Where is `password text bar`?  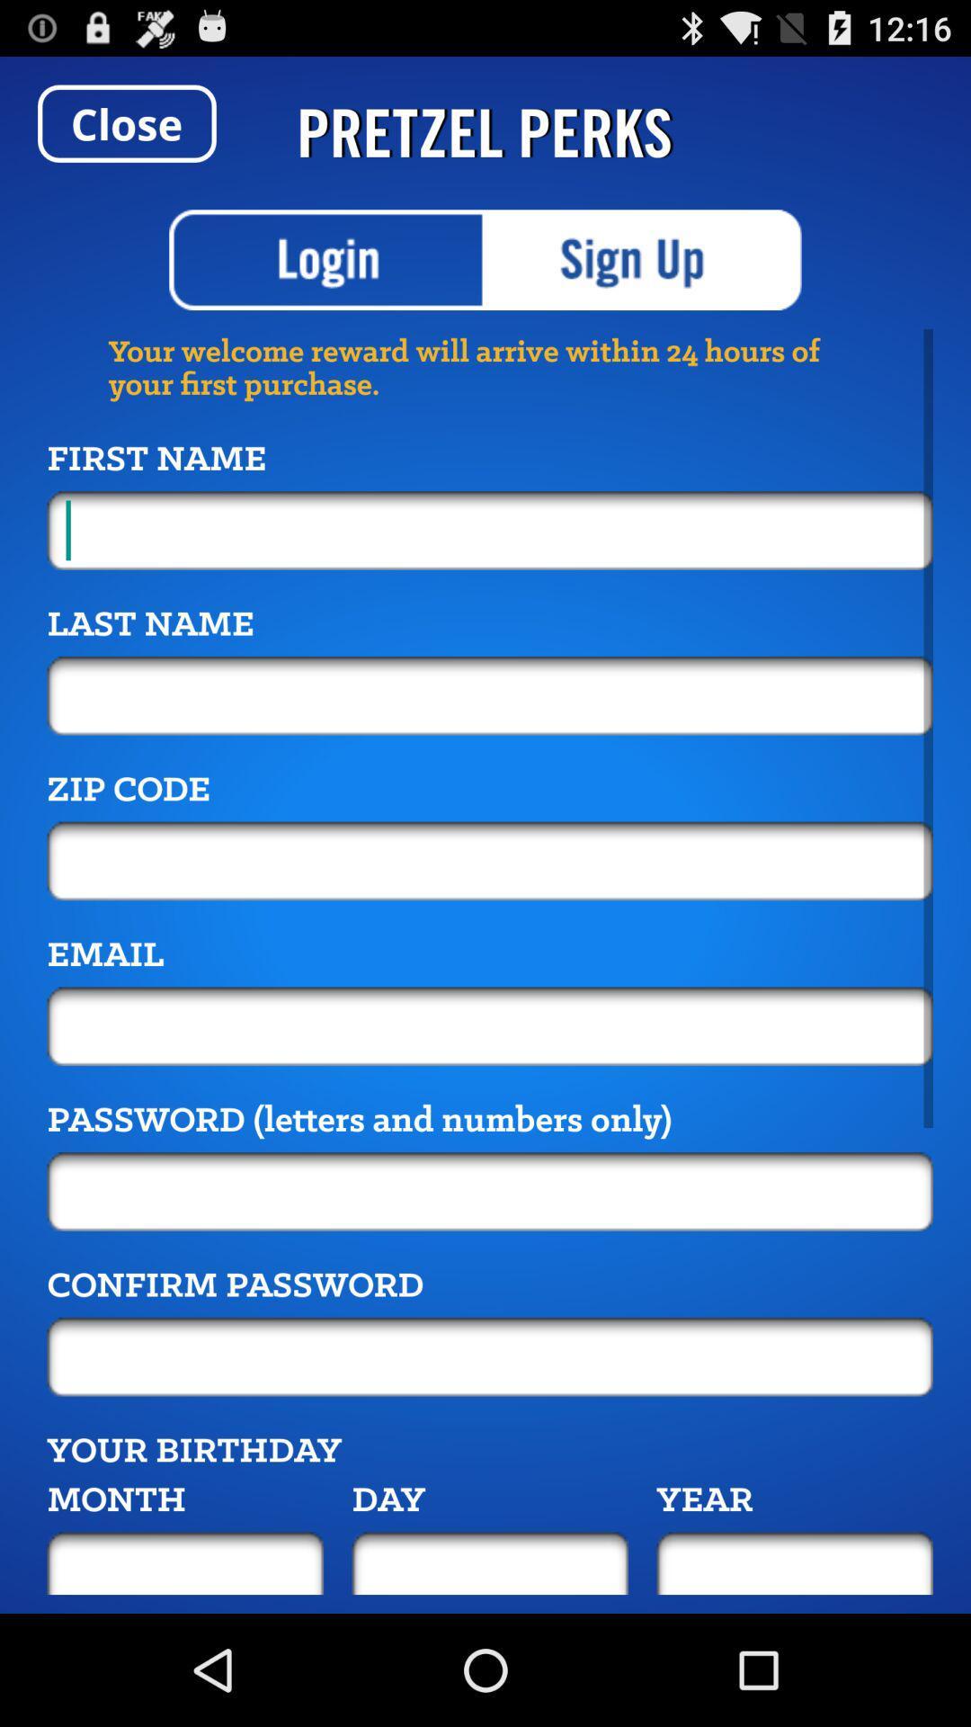 password text bar is located at coordinates (490, 1356).